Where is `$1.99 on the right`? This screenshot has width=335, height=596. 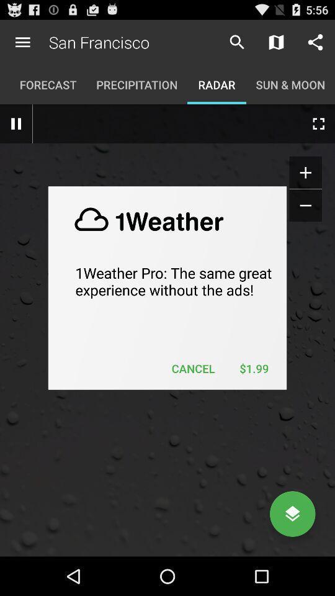 $1.99 on the right is located at coordinates (253, 368).